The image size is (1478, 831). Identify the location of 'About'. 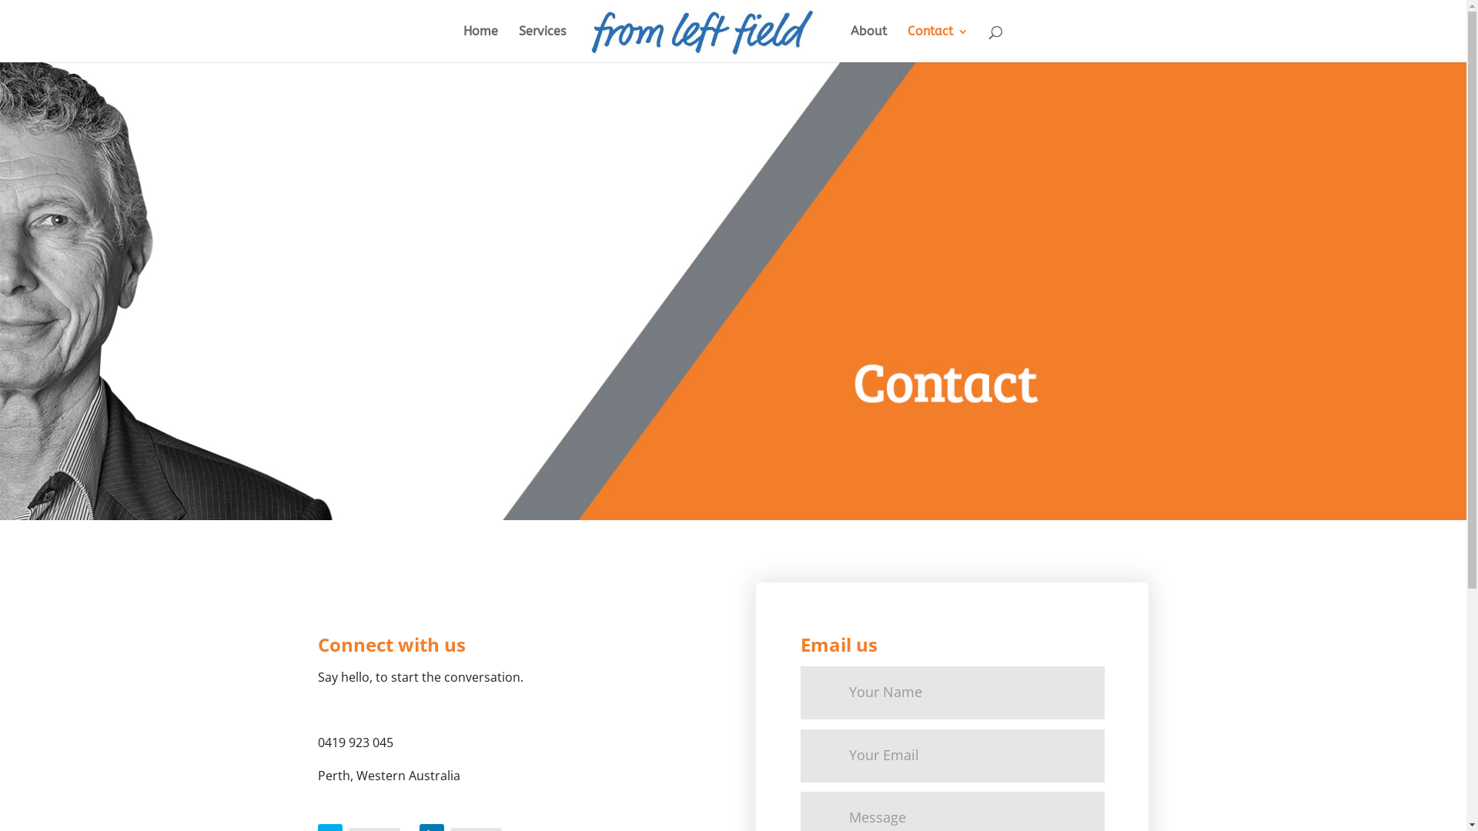
(868, 43).